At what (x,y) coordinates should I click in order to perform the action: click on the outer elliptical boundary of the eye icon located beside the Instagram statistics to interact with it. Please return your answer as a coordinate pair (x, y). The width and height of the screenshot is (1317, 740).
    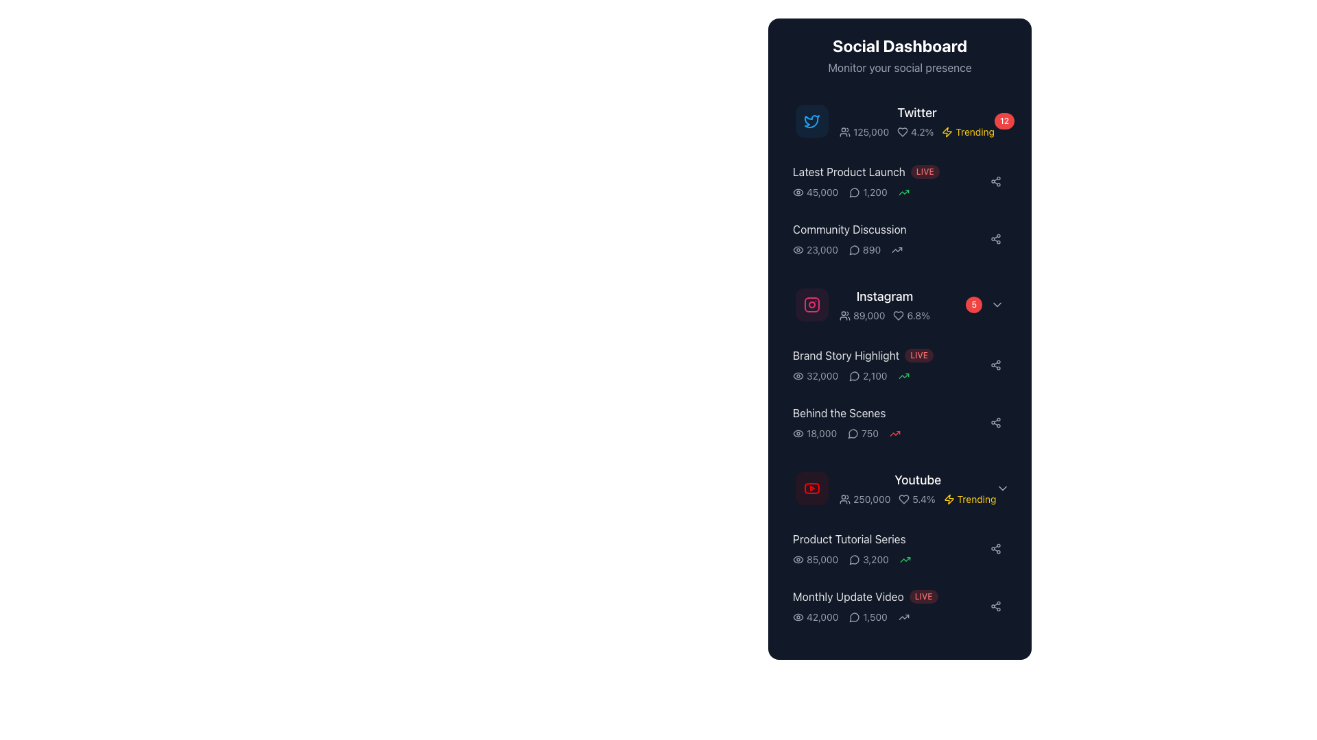
    Looking at the image, I should click on (798, 560).